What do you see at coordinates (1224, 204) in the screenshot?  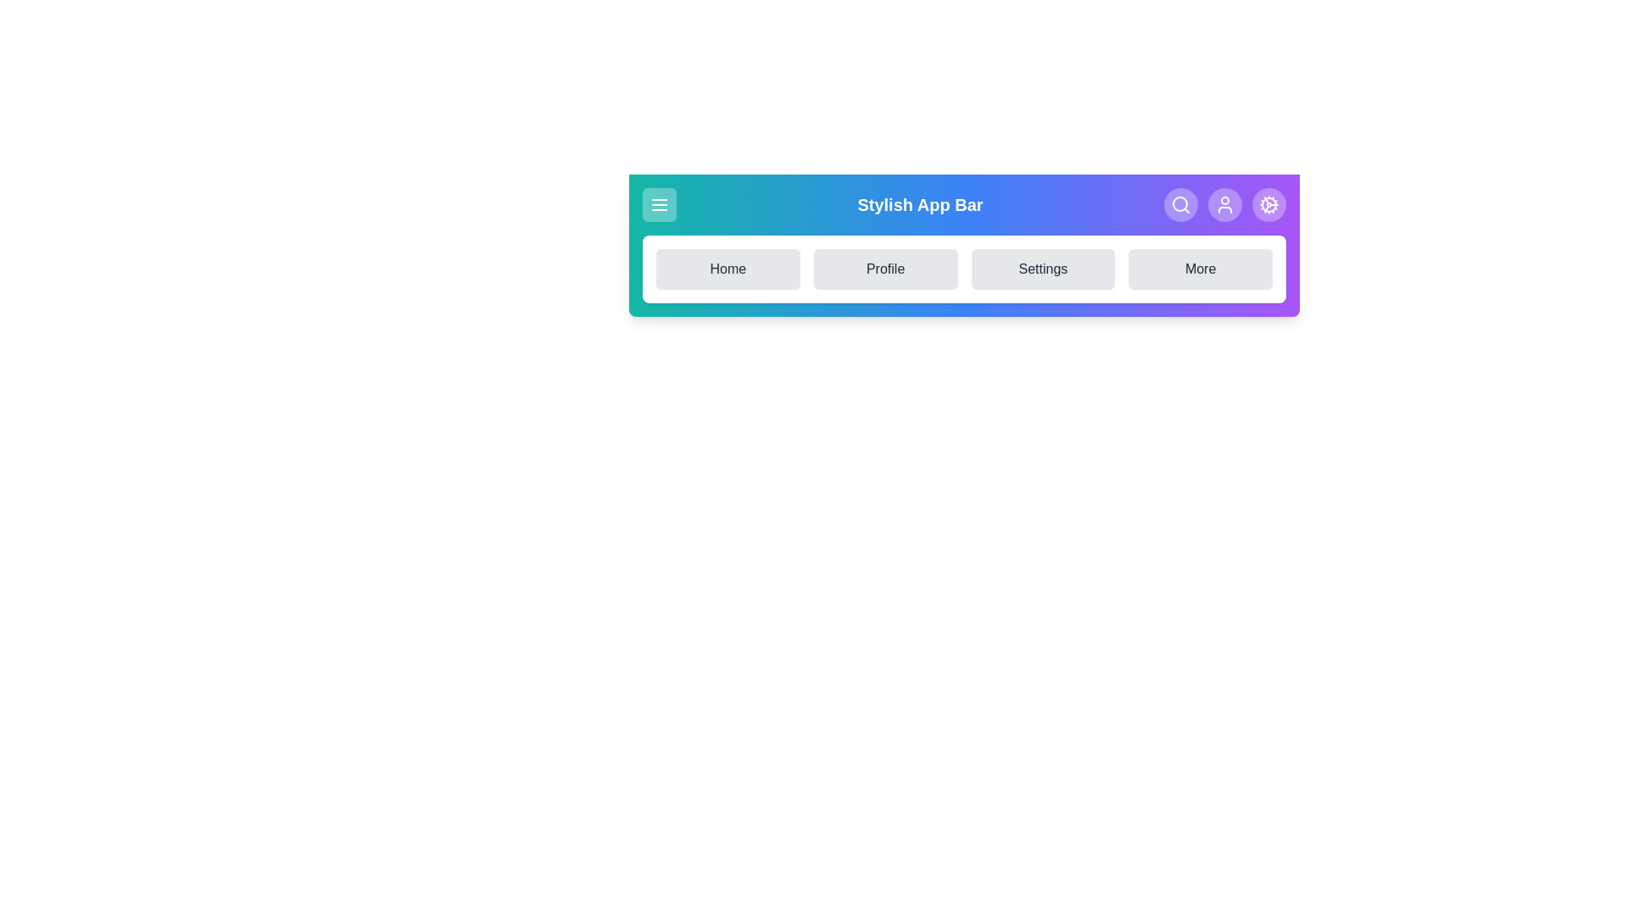 I see `the User icon in the StylishAppBar` at bounding box center [1224, 204].